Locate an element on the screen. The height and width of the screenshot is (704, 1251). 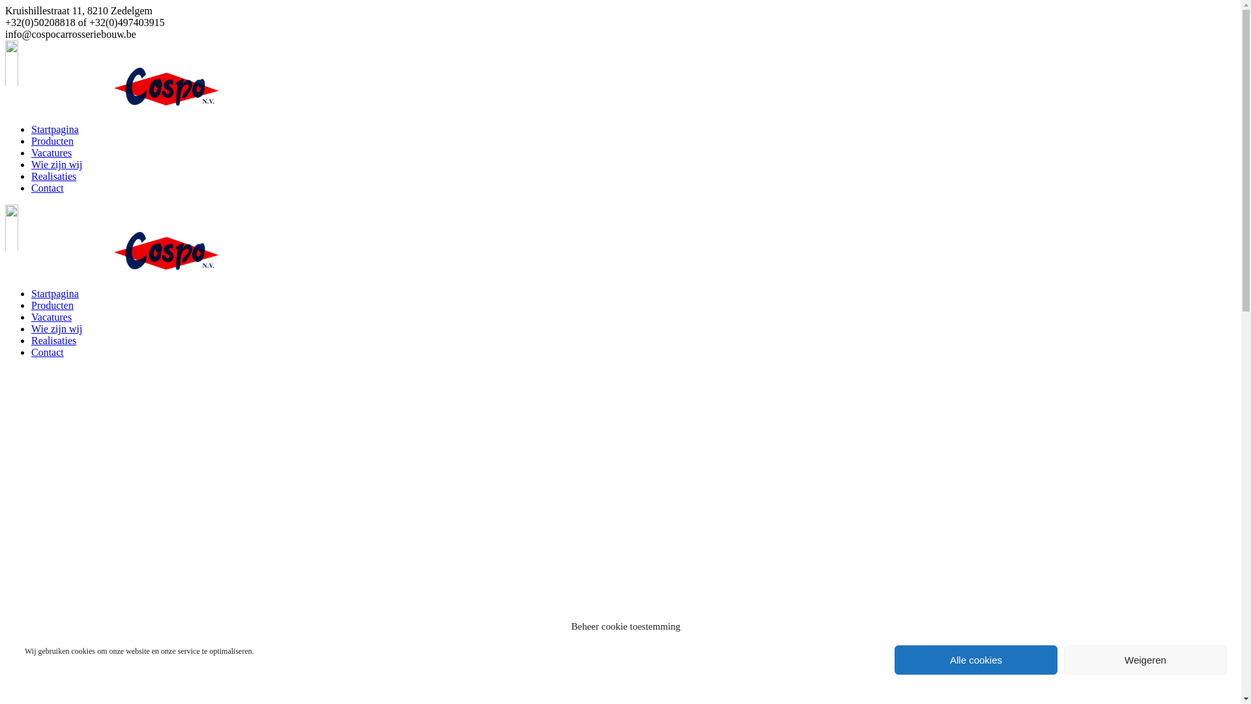
'Alle cookies' is located at coordinates (975, 660).